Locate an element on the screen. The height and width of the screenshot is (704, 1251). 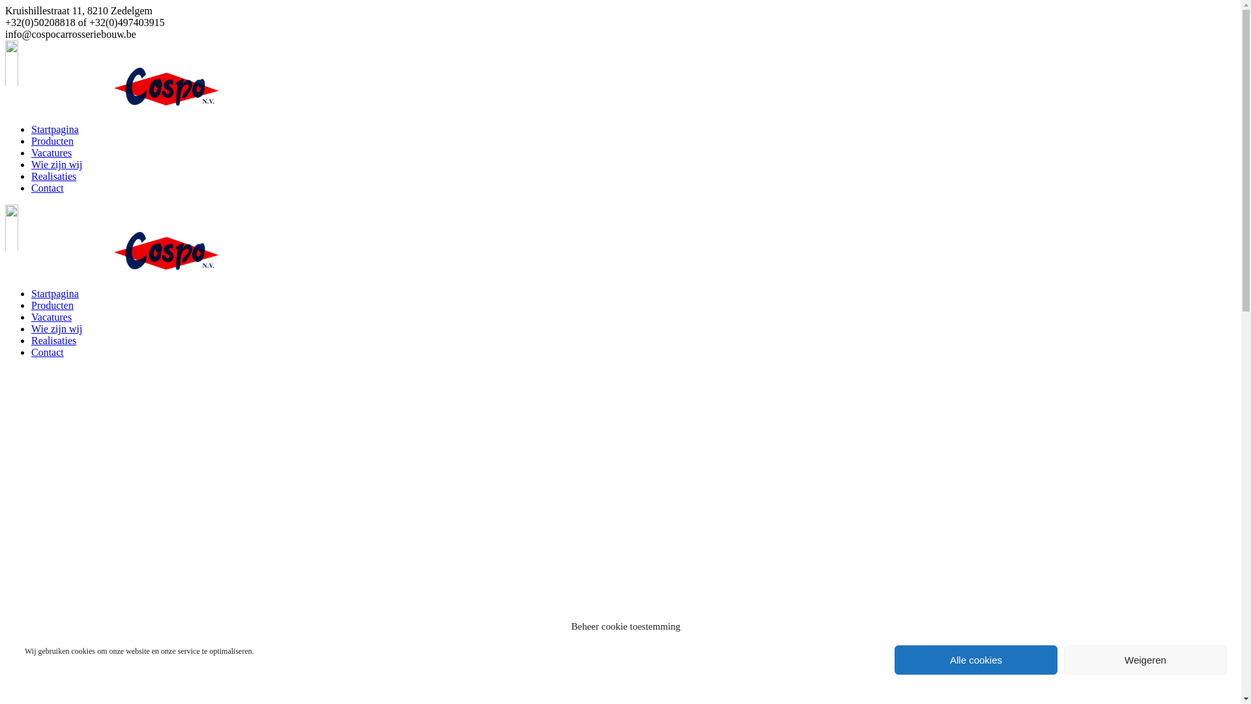
'Alle cookies' is located at coordinates (975, 660).